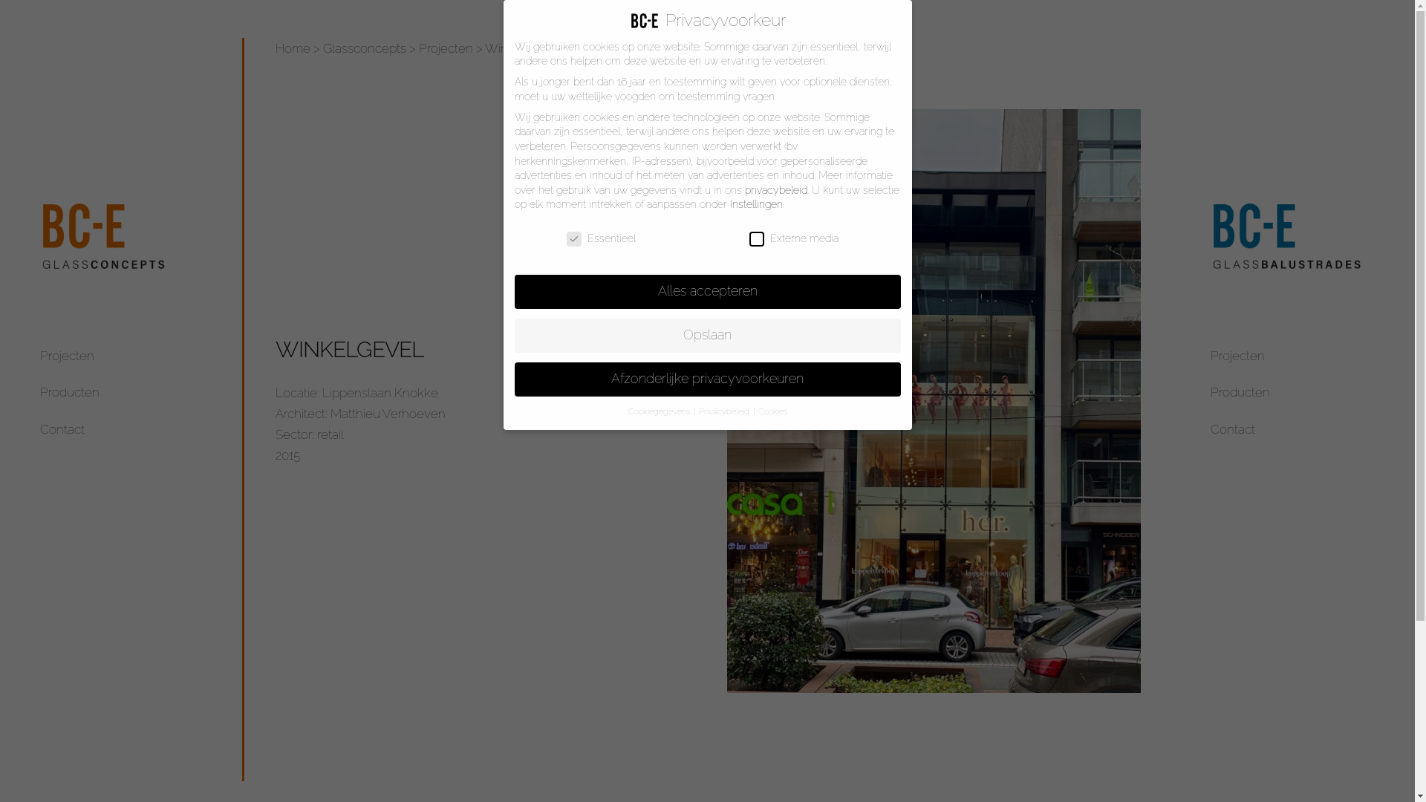  What do you see at coordinates (755, 203) in the screenshot?
I see `'Instellingen'` at bounding box center [755, 203].